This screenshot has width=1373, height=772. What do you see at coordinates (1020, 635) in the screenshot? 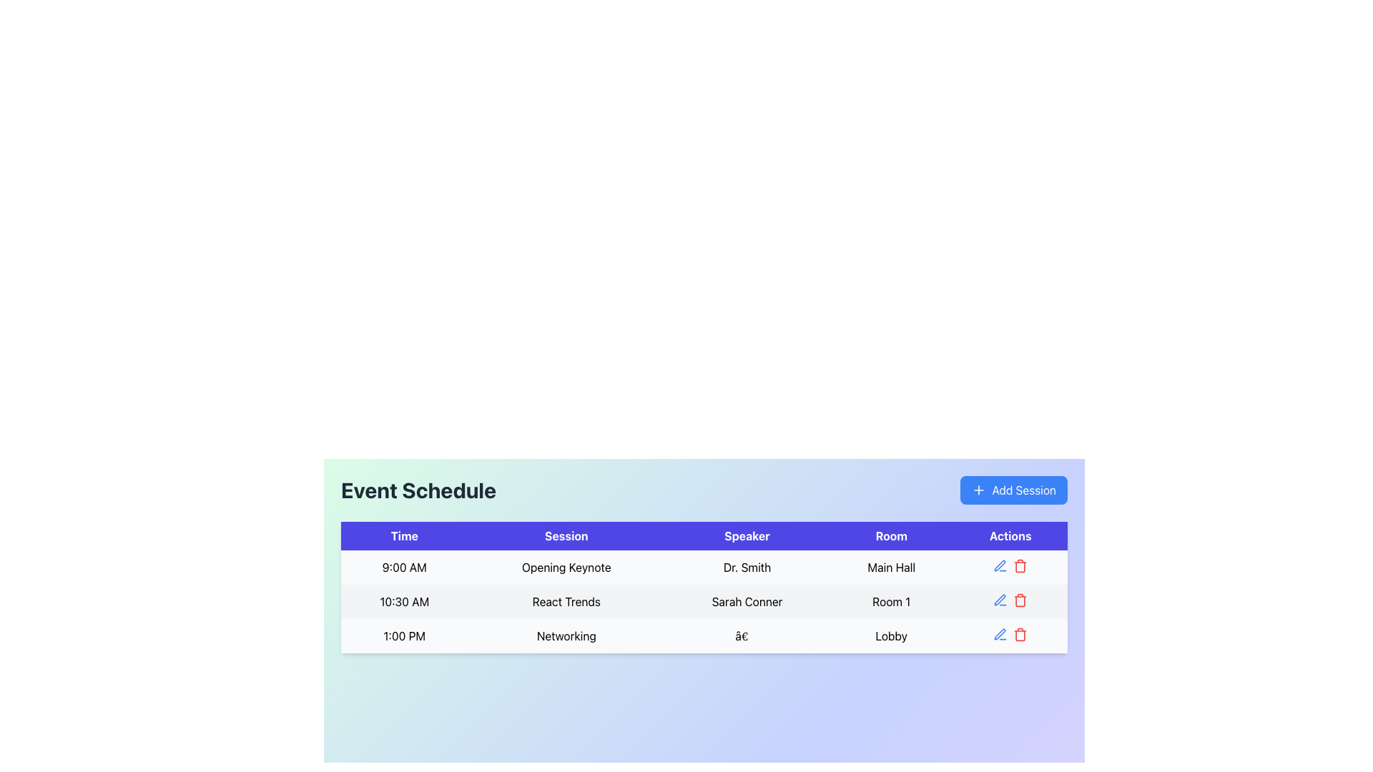
I see `the red trash can icon located in the 'Actions' column of the third row in the 'Event Schedule' table to initiate the delete action` at bounding box center [1020, 635].